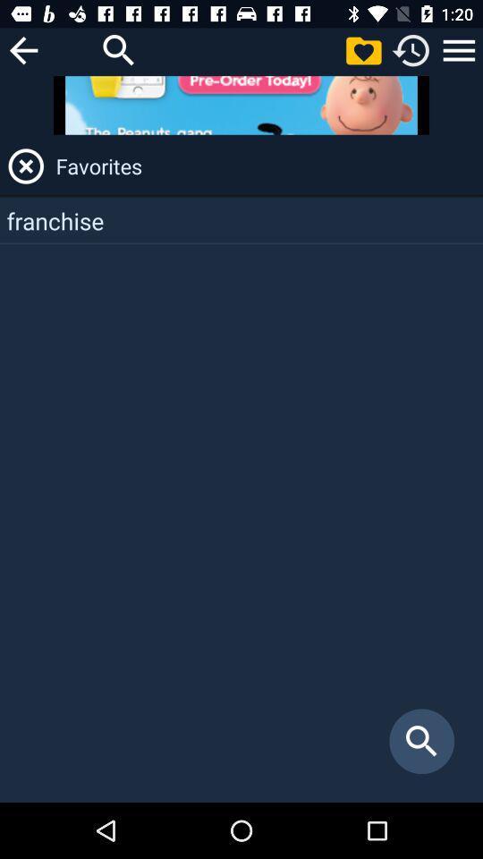 This screenshot has height=859, width=483. What do you see at coordinates (459, 49) in the screenshot?
I see `favorites history` at bounding box center [459, 49].